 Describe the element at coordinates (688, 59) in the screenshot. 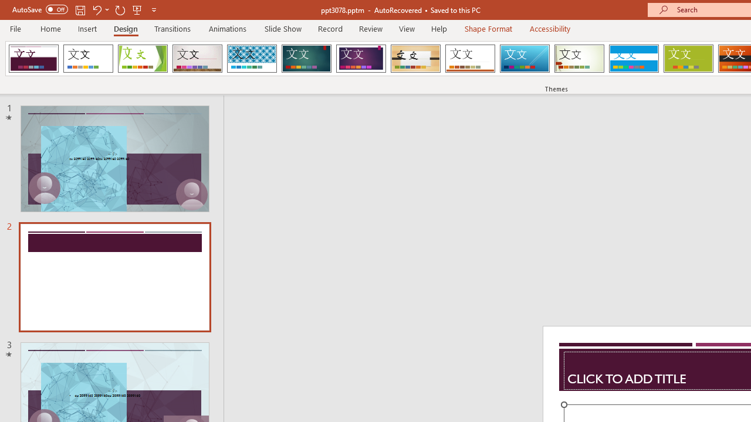

I see `'Basis'` at that location.